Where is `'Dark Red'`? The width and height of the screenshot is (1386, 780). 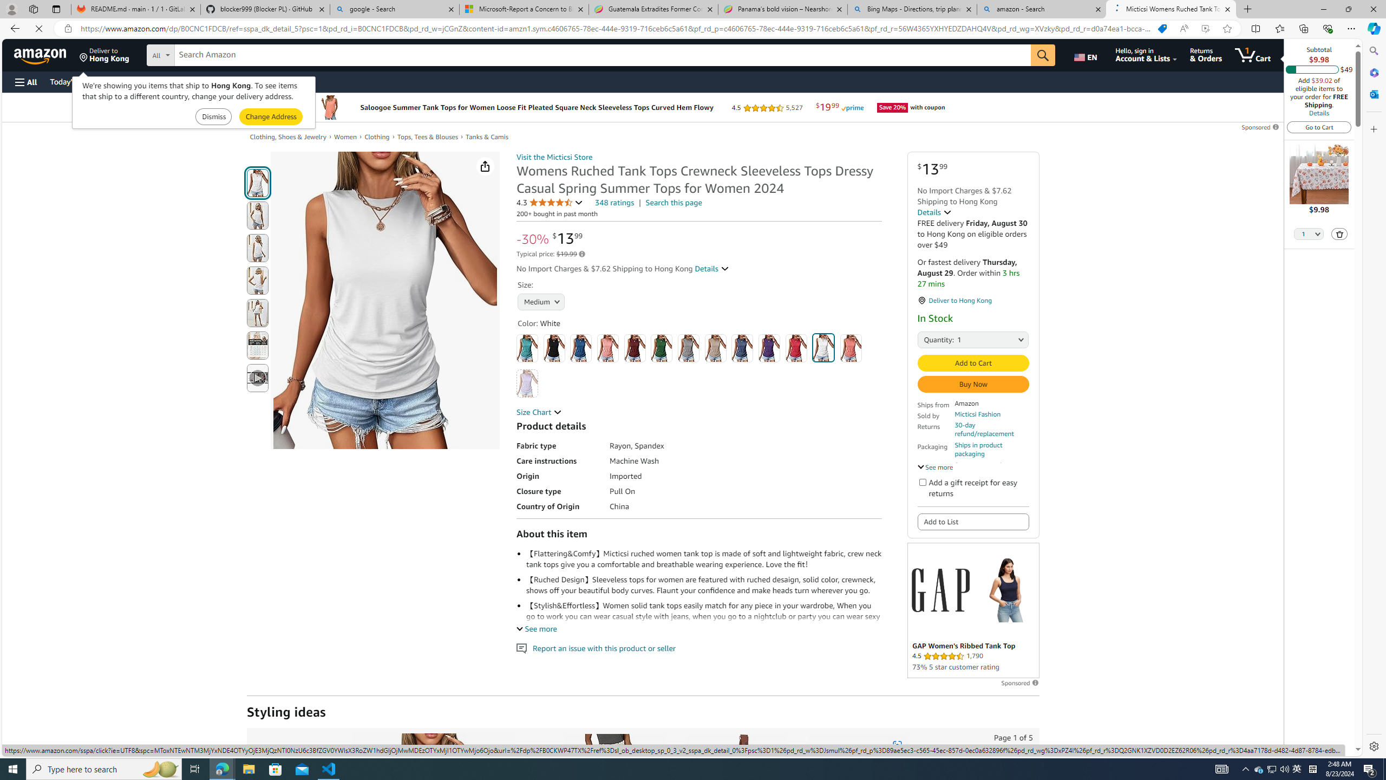
'Dark Red' is located at coordinates (634, 348).